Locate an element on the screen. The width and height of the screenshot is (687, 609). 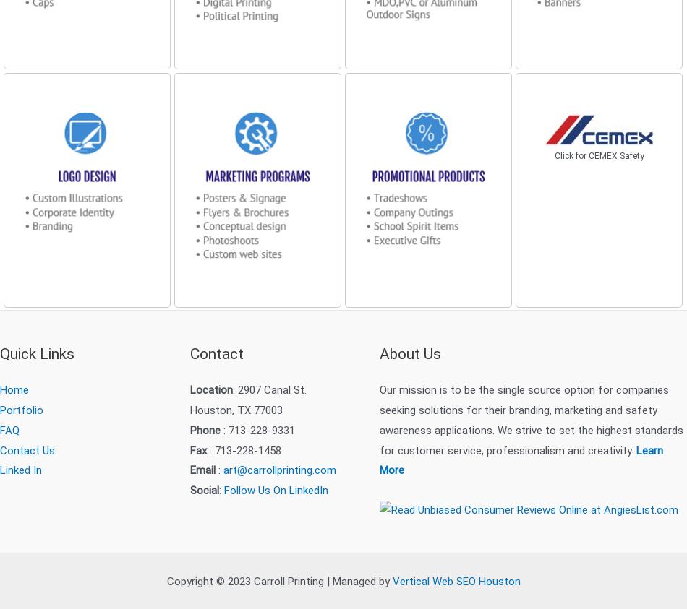
'Portfolio' is located at coordinates (22, 409).